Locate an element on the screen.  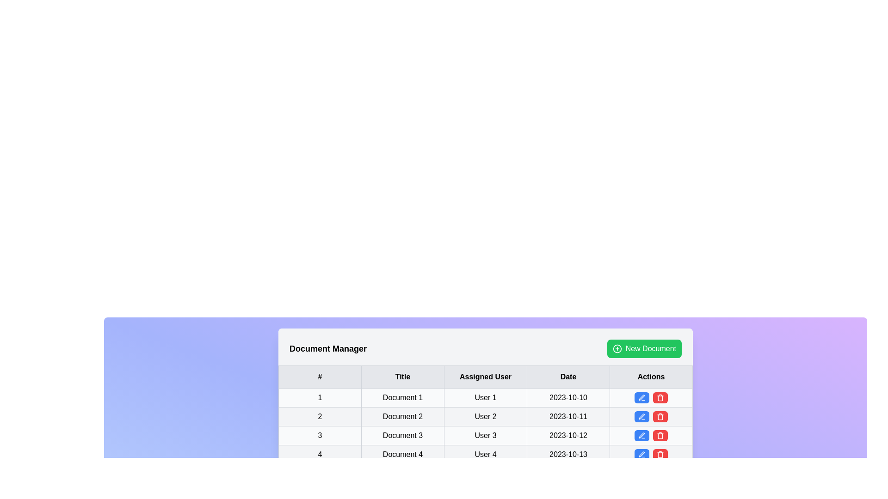
the delete button in the 'Actions' column of the fourth row of the table, which is represented by a trash can icon is located at coordinates (660, 435).